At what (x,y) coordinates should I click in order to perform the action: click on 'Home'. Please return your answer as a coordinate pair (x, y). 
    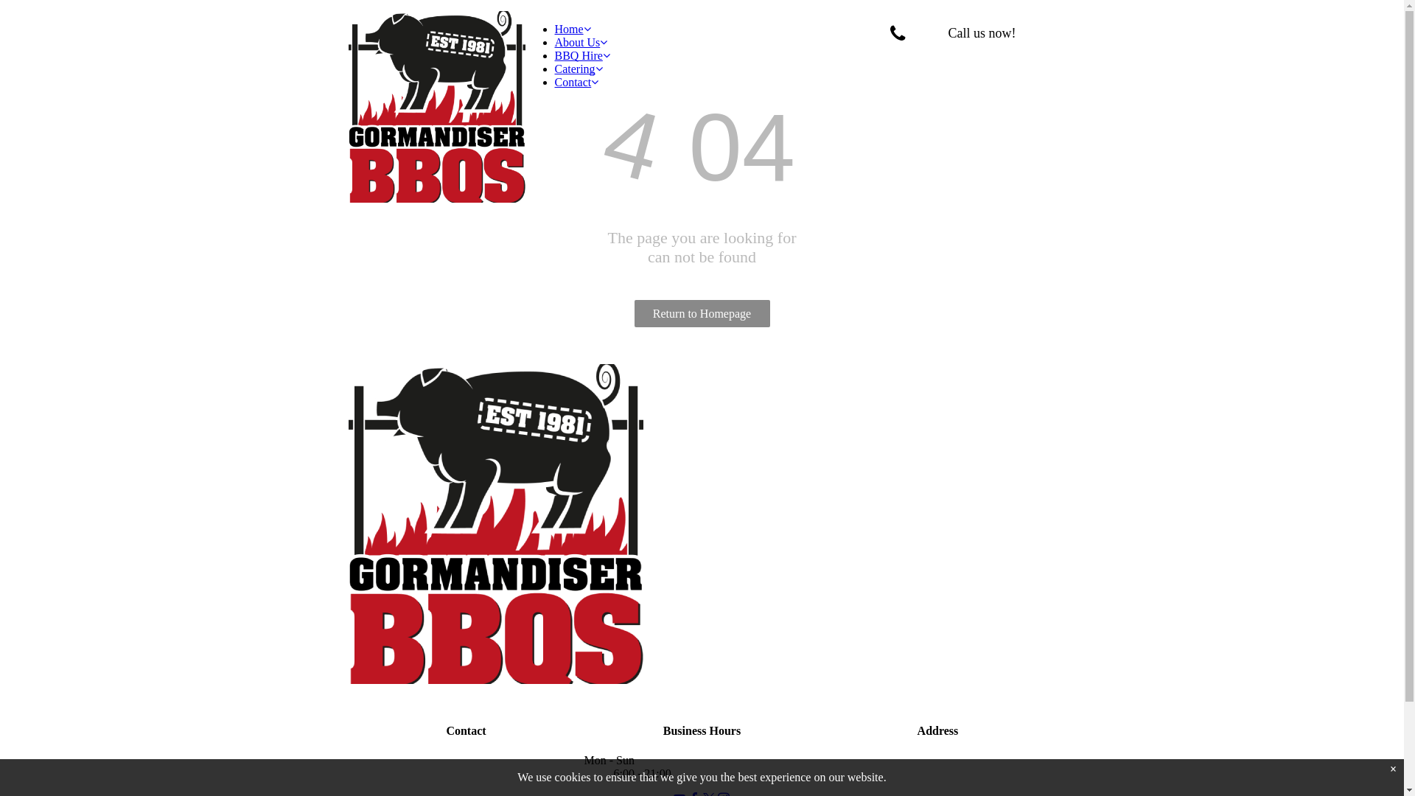
    Looking at the image, I should click on (571, 29).